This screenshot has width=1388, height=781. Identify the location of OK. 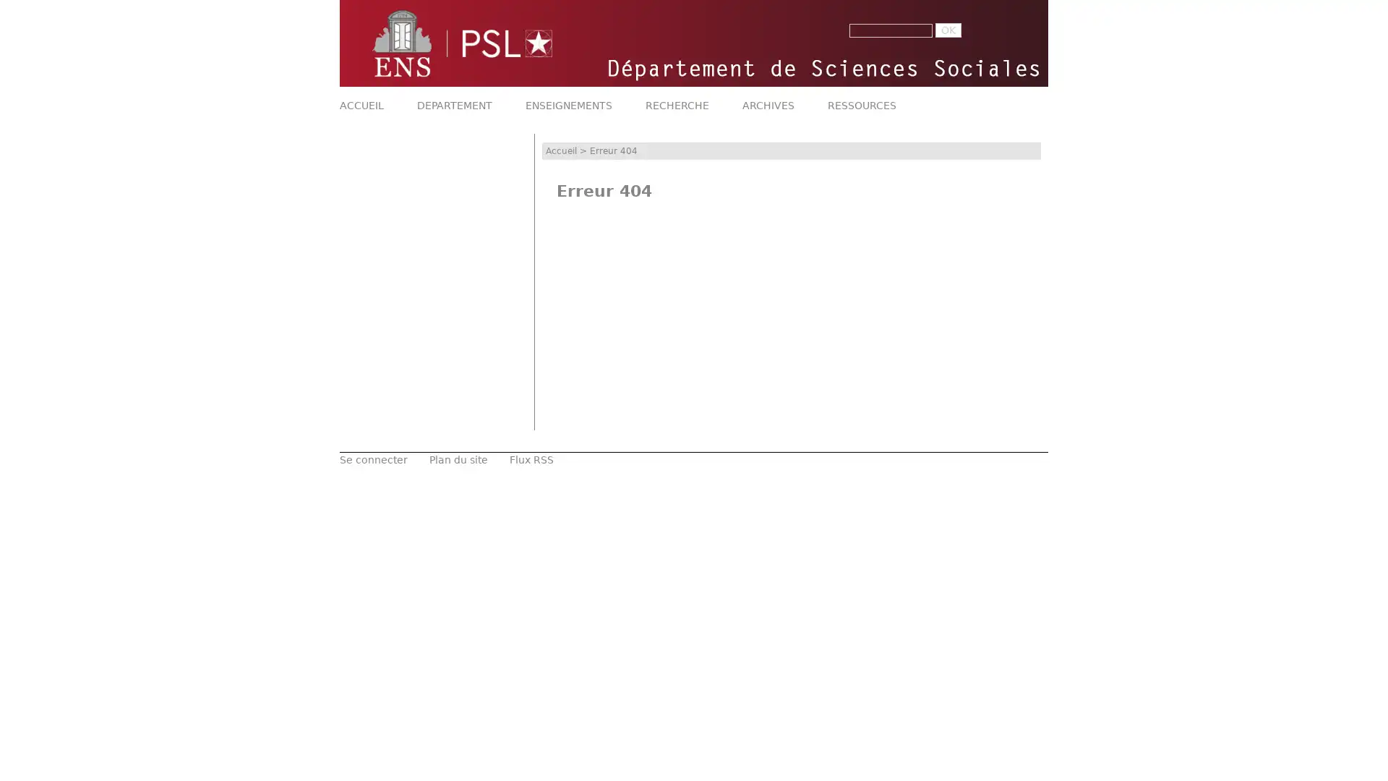
(948, 30).